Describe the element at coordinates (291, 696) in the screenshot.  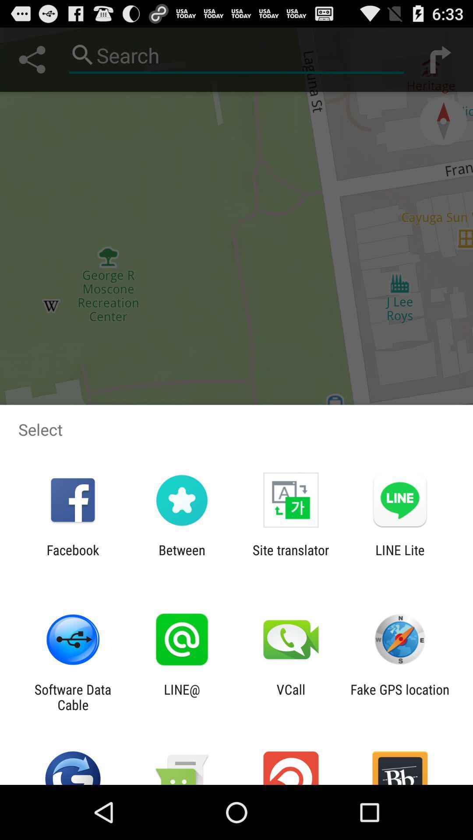
I see `the vcall app` at that location.